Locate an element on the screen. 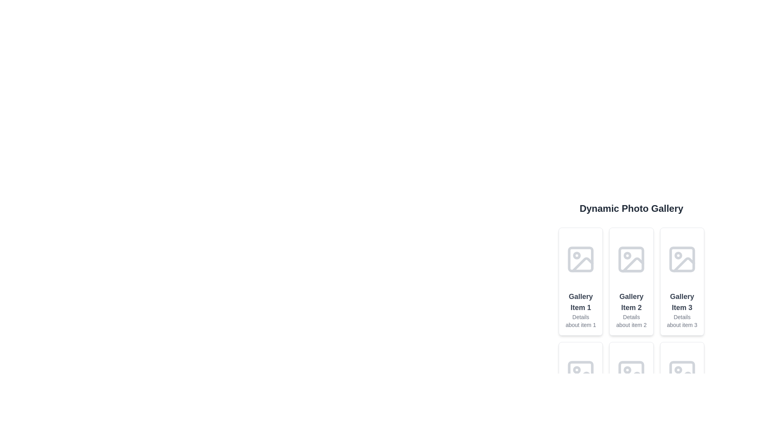 Image resolution: width=758 pixels, height=426 pixels. text label displaying 'Details about item 2', which is styled in a small gray font and located below the title 'Gallery Item 2' in the second card of the gallery items is located at coordinates (631, 321).